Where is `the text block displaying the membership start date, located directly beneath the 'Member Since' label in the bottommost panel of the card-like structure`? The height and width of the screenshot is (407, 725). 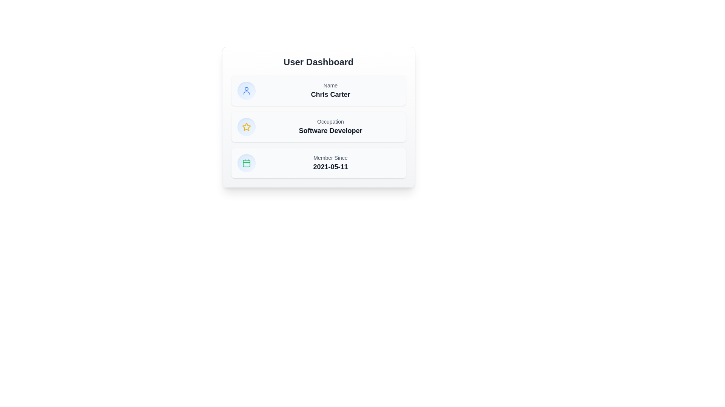 the text block displaying the membership start date, located directly beneath the 'Member Since' label in the bottommost panel of the card-like structure is located at coordinates (330, 167).